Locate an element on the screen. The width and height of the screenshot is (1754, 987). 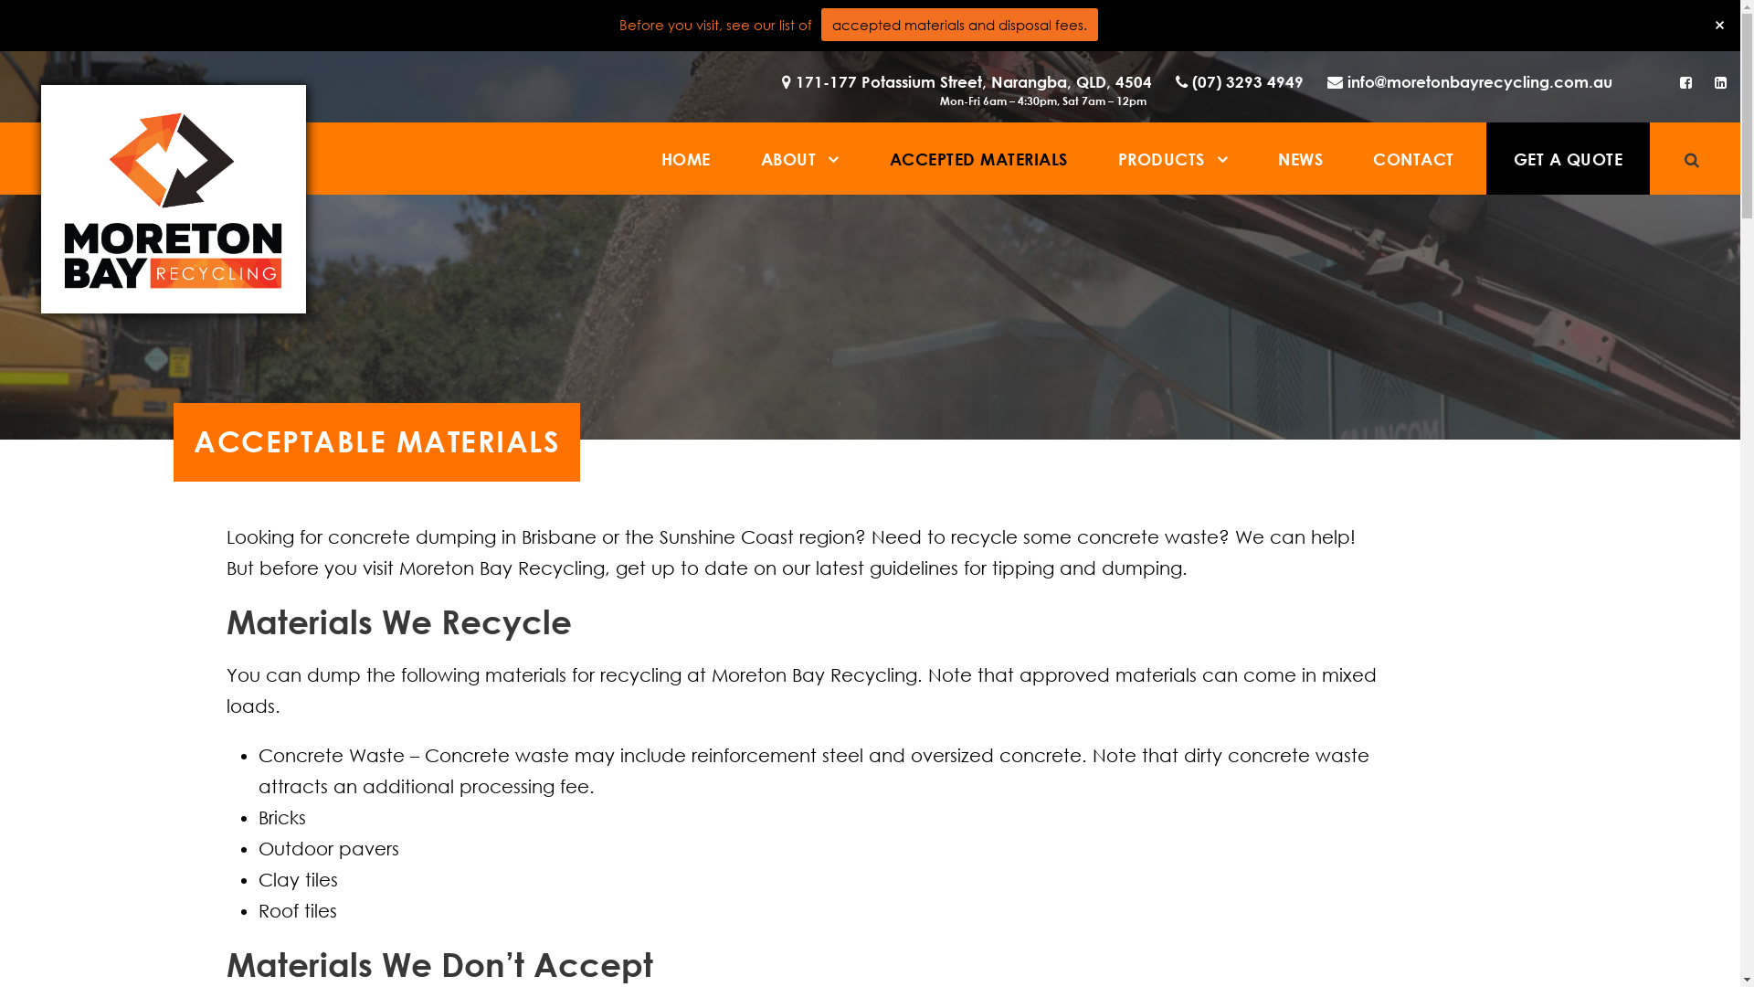
'NEWS' is located at coordinates (1299, 157).